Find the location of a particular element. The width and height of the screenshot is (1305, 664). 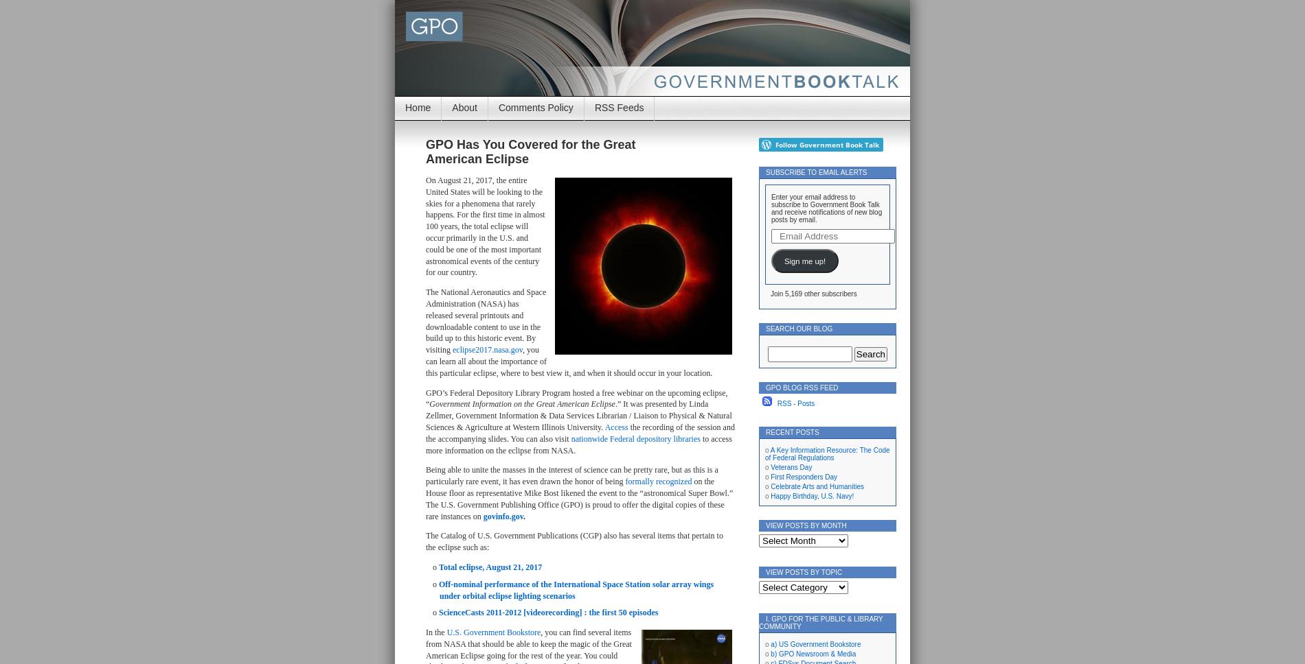

'About' is located at coordinates (464, 107).